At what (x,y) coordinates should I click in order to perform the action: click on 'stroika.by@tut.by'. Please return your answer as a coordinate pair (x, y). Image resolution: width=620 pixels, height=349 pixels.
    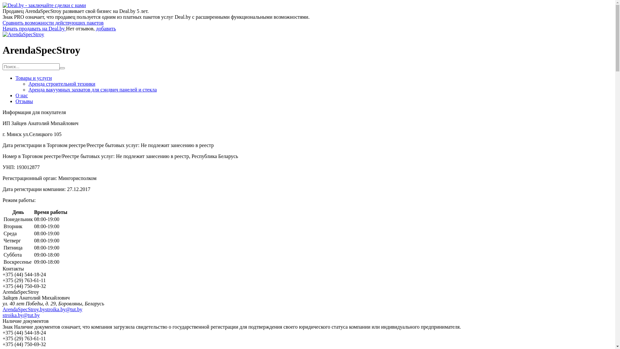
    Looking at the image, I should click on (64, 309).